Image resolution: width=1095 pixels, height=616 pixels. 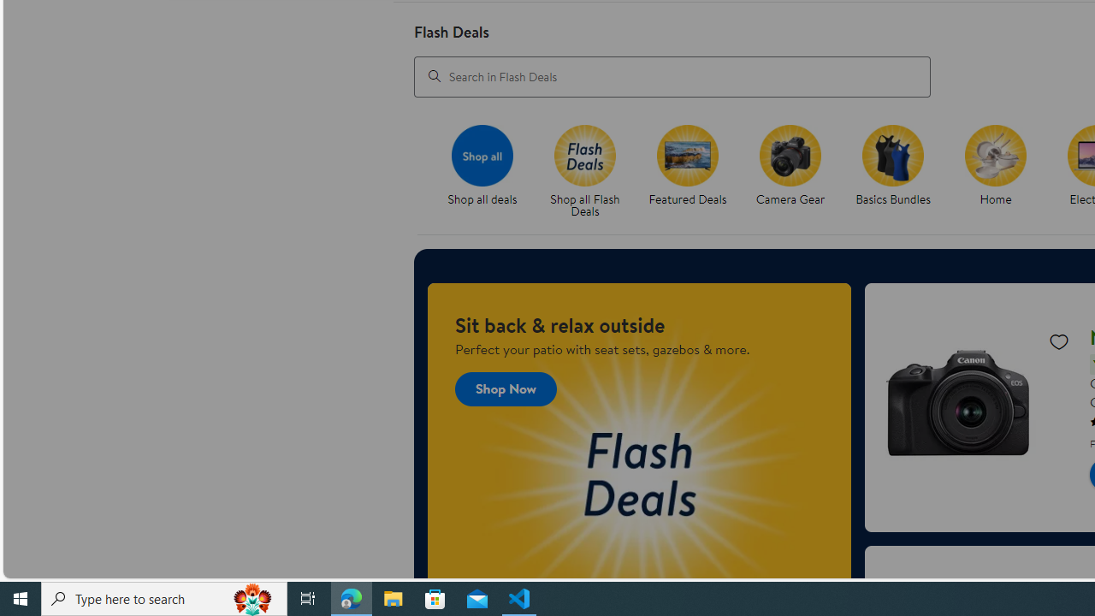 What do you see at coordinates (688, 166) in the screenshot?
I see `'Featured Deals Featured Deals'` at bounding box center [688, 166].